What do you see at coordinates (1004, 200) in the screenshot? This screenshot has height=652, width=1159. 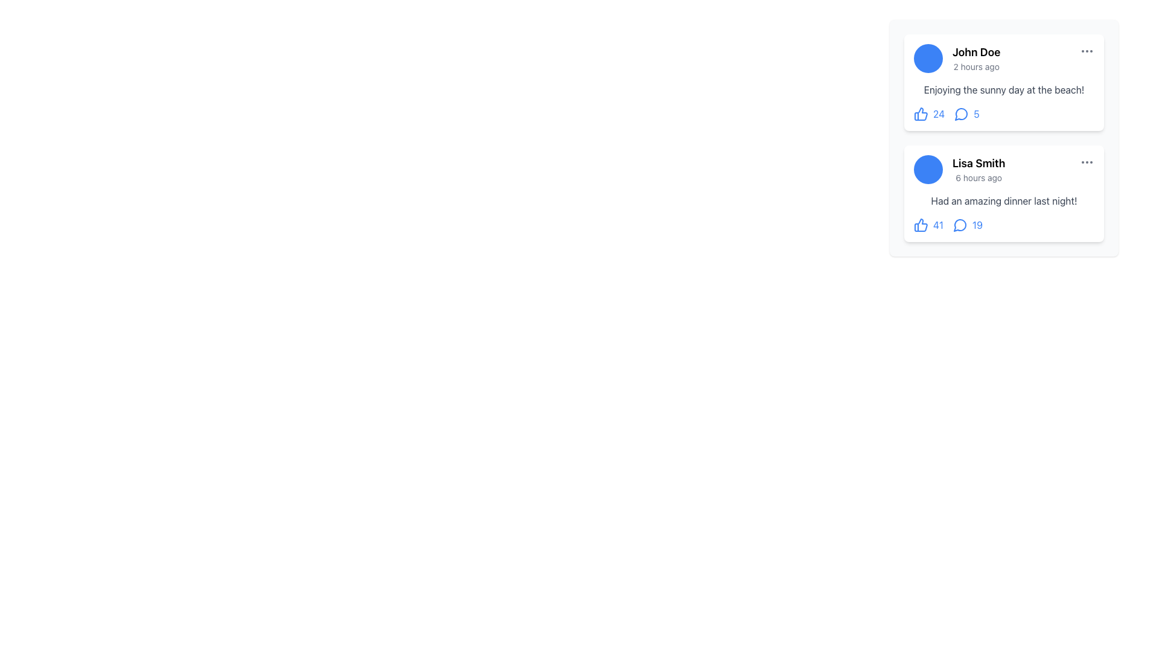 I see `the text block that says 'Had an amazing dinner last night!', which is styled in gray and located under Lisa Smith's name in the second card of the sidebar` at bounding box center [1004, 200].